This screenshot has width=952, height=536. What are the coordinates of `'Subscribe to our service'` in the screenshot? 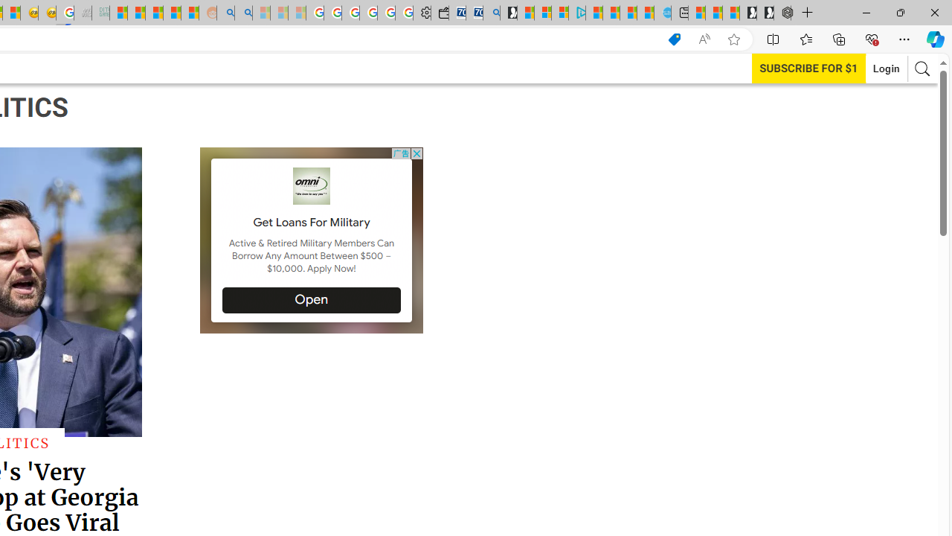 It's located at (808, 68).